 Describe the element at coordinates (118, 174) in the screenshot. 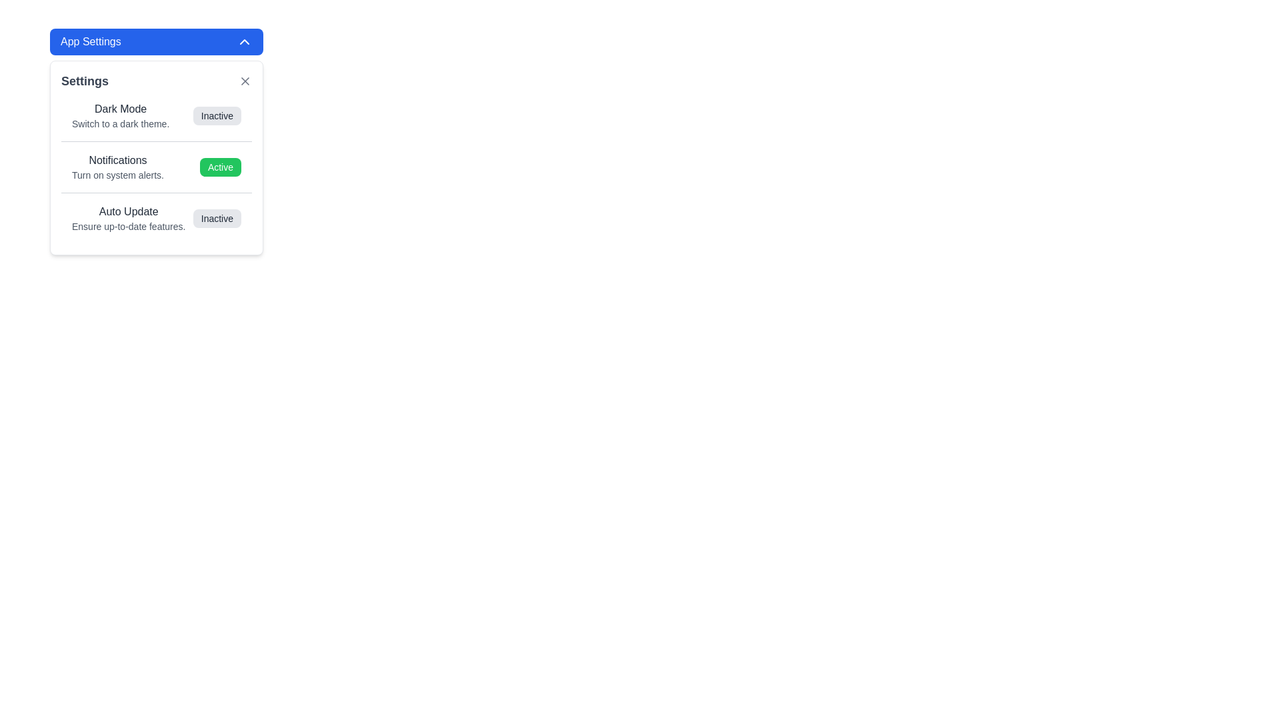

I see `the text label providing information about turning on system alerts in the 'Notifications' section, located below the 'Notifications' title and above the 'Active' button` at that location.